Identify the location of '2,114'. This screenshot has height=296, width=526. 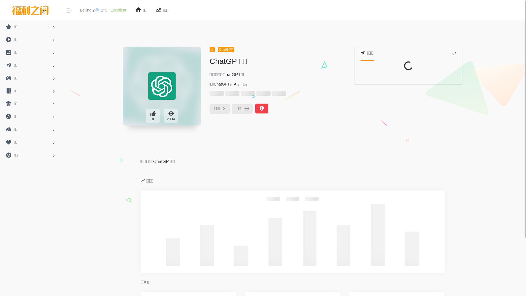
(164, 116).